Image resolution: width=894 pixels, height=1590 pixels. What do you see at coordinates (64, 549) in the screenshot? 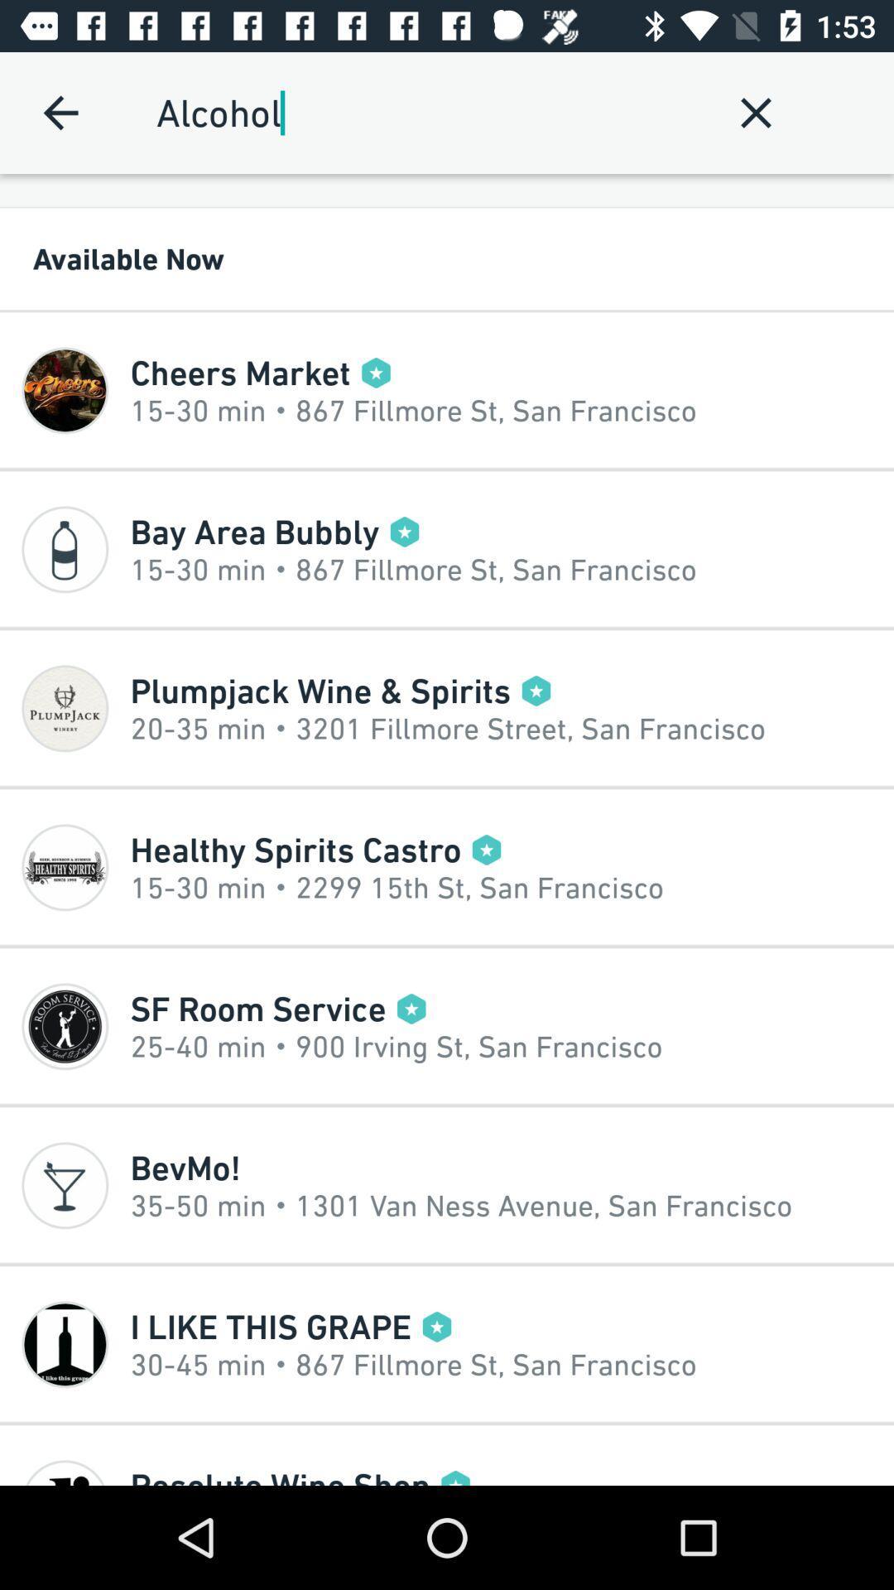
I see `left of bay area bubbly` at bounding box center [64, 549].